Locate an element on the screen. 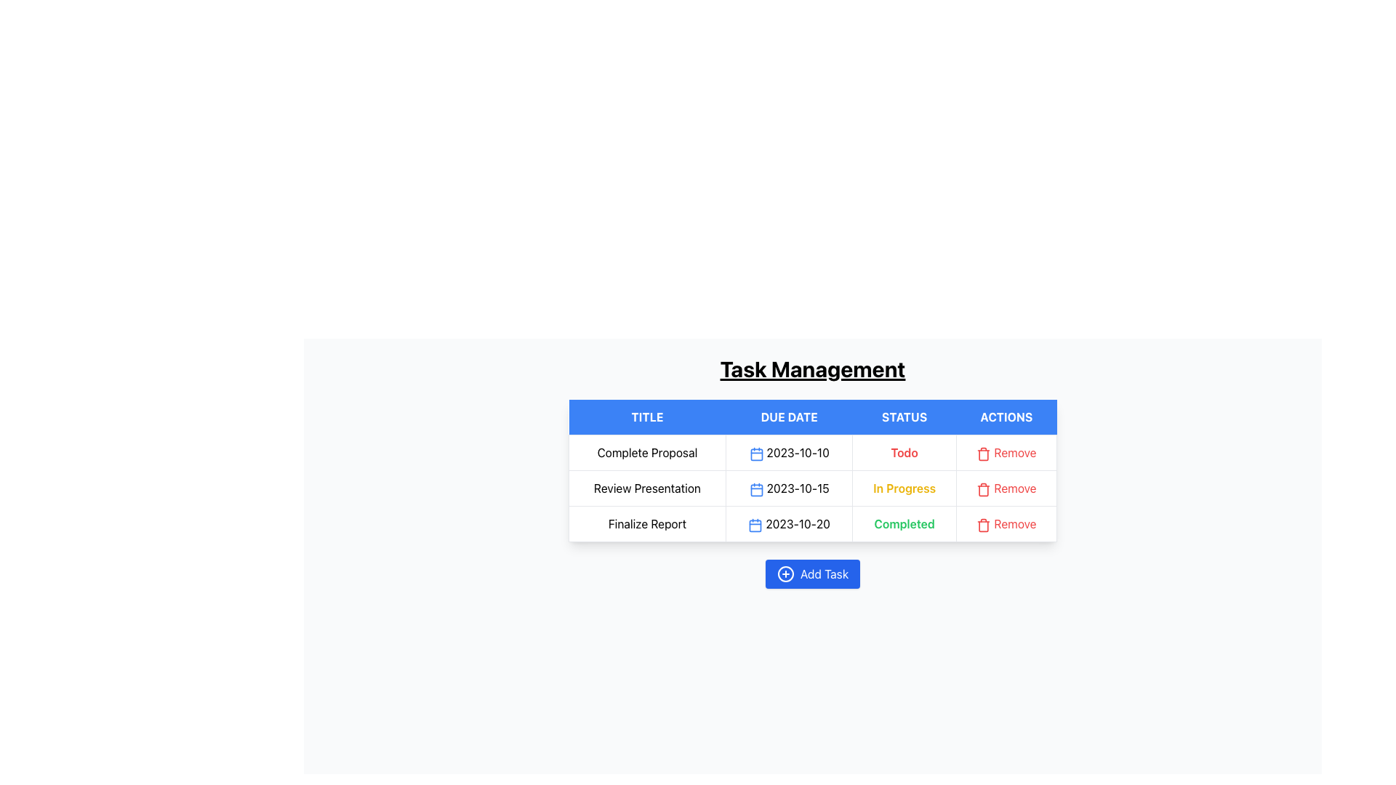 The width and height of the screenshot is (1396, 785). the red trash bin icon button with a 'Remove' label located in the 'Actions' column of the third row of the table, adjacent to the 'Completed' status is located at coordinates (984, 525).